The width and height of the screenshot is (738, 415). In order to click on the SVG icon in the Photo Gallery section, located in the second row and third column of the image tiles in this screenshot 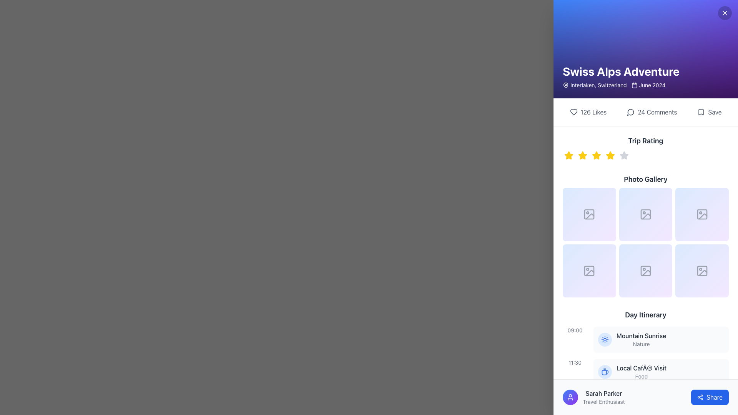, I will do `click(702, 214)`.